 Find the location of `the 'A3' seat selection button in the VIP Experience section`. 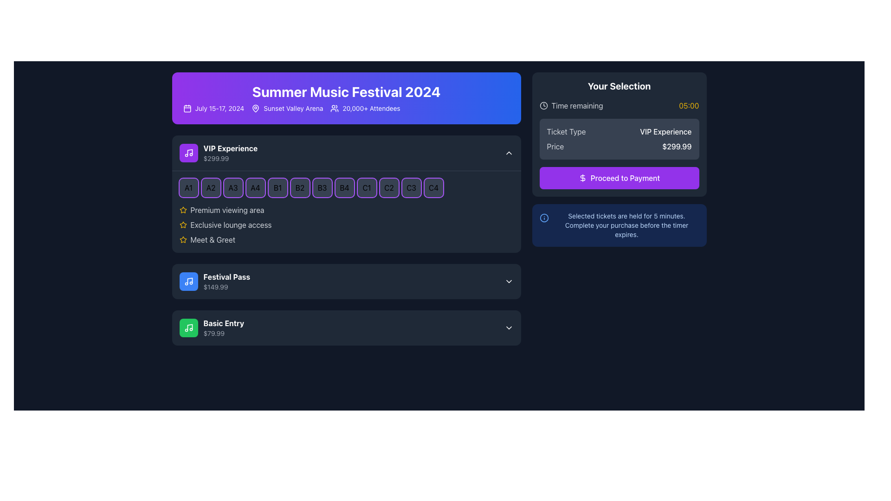

the 'A3' seat selection button in the VIP Experience section is located at coordinates (233, 188).